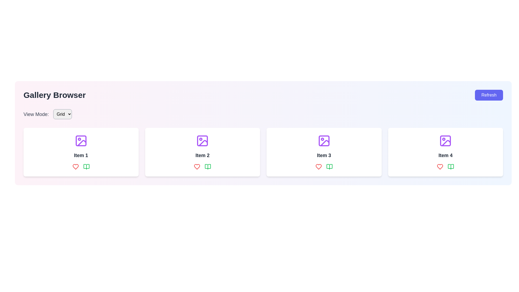 The width and height of the screenshot is (519, 292). What do you see at coordinates (445, 155) in the screenshot?
I see `the text label 'Item 4' located centrally within the fourth card of the grid layout, directly below a purple icon and above two interactive icons` at bounding box center [445, 155].